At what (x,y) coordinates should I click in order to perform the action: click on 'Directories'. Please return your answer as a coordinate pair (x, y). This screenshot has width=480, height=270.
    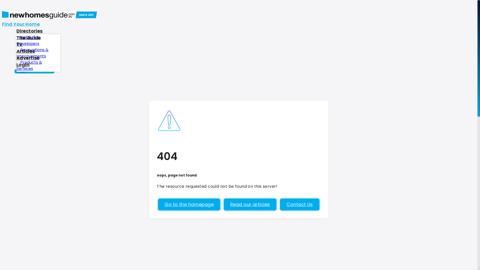
    Looking at the image, I should click on (29, 30).